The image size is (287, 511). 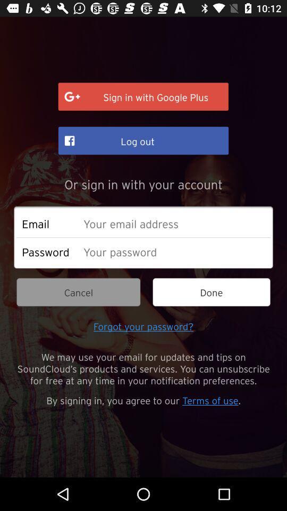 What do you see at coordinates (174, 251) in the screenshot?
I see `the password` at bounding box center [174, 251].